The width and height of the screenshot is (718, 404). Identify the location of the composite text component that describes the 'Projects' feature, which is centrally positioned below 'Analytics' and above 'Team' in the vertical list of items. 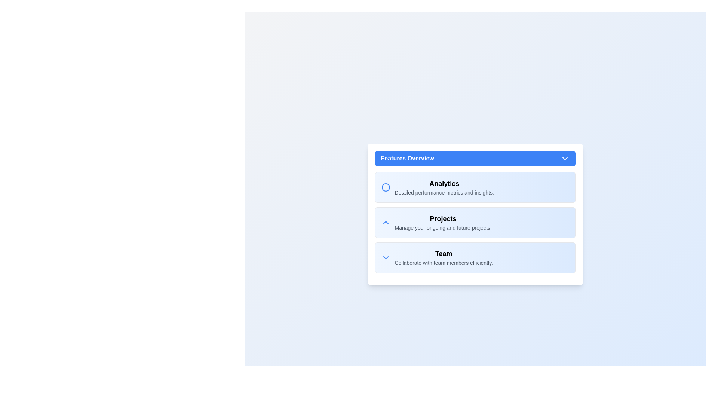
(443, 222).